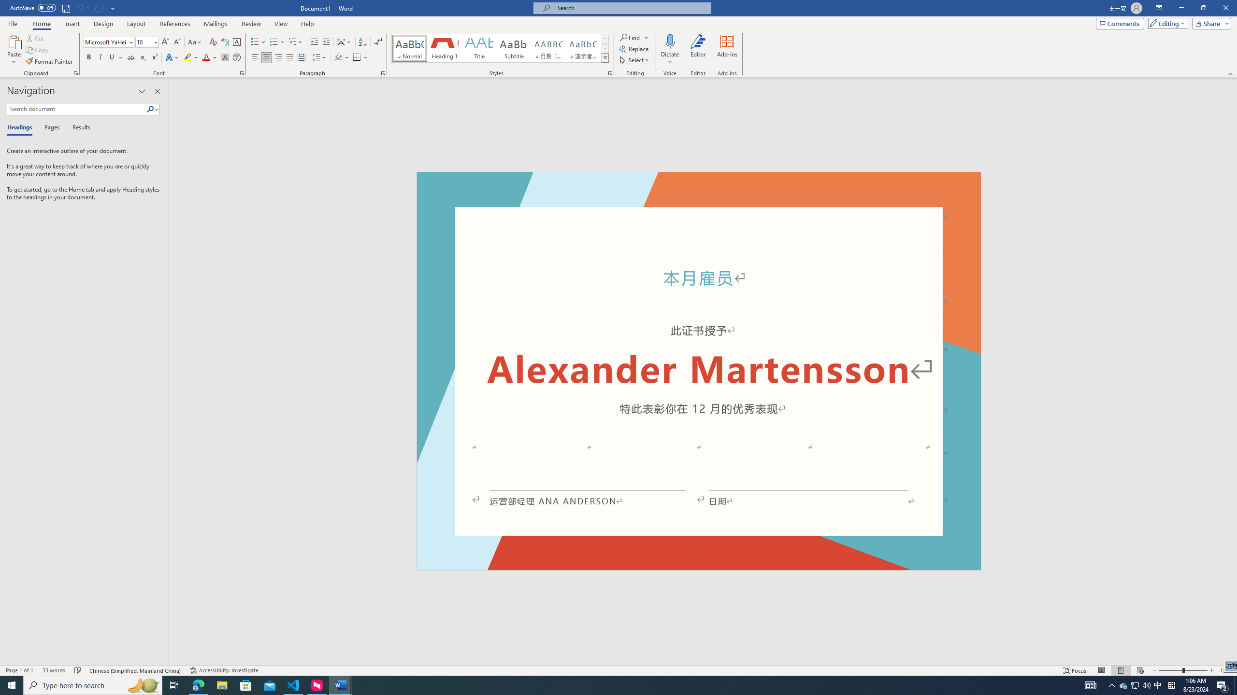  Describe the element at coordinates (130, 57) in the screenshot. I see `'Strikethrough'` at that location.